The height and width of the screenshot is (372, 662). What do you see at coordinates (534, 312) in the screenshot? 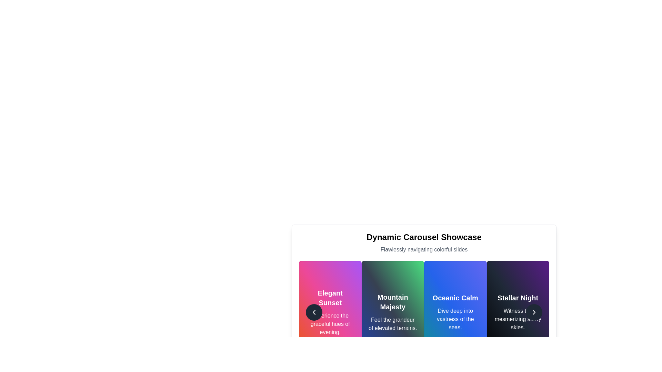
I see `the chevron icon located within the circular button on the right side of the 'Stellar Night' card` at bounding box center [534, 312].